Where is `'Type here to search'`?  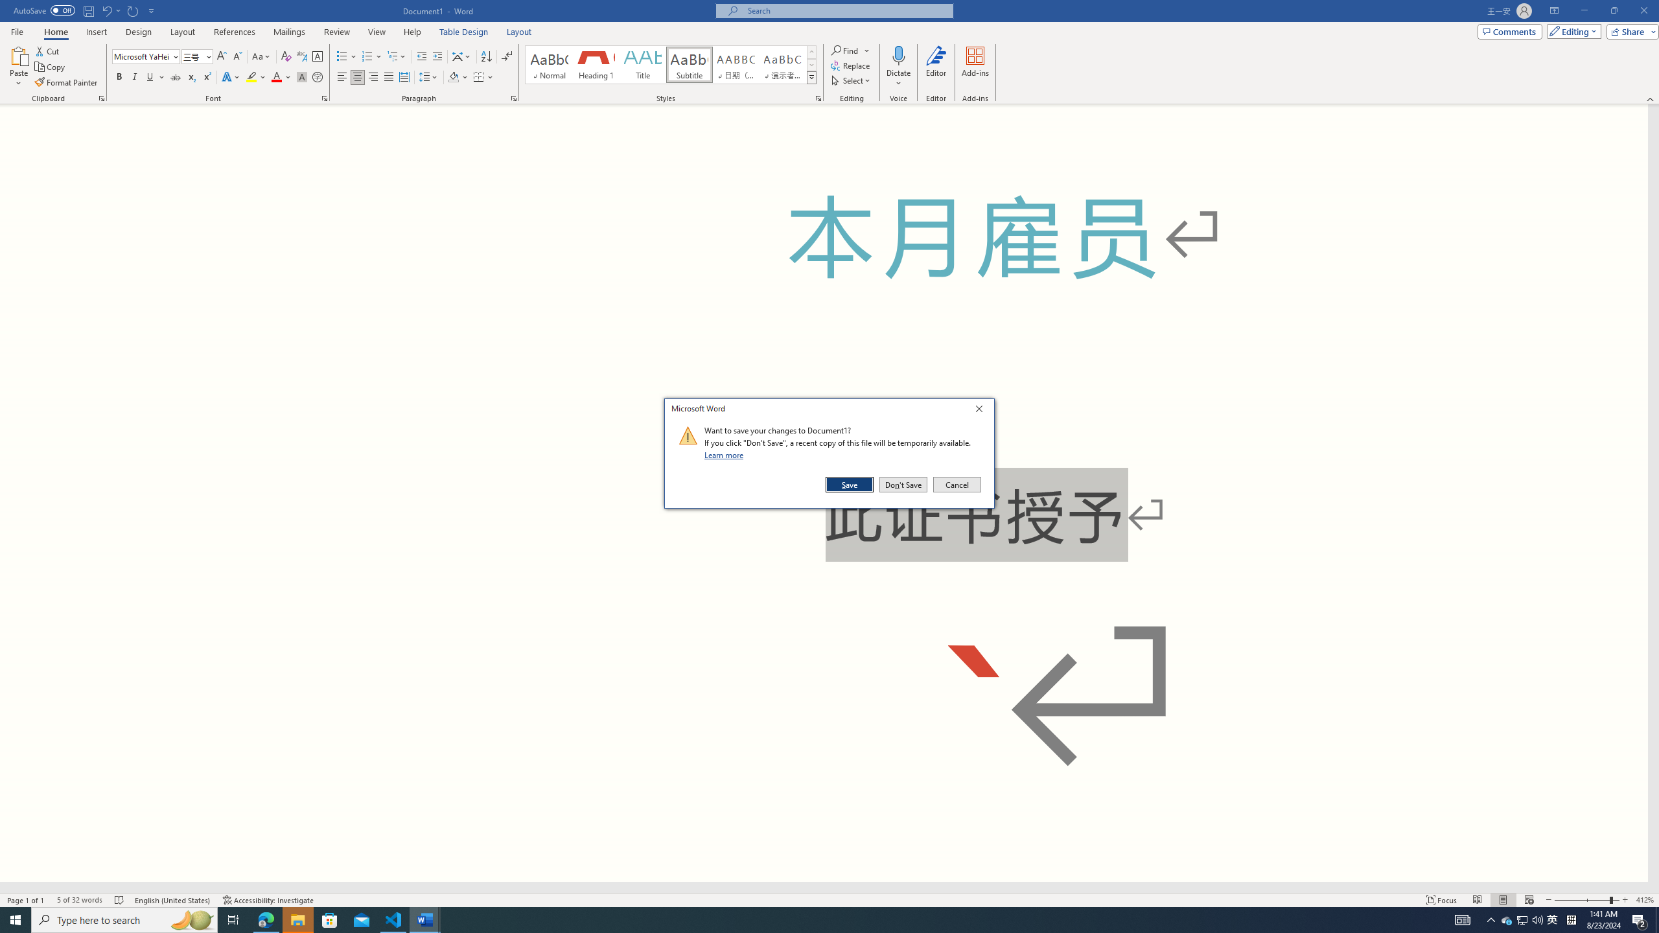
'Type here to search' is located at coordinates (124, 919).